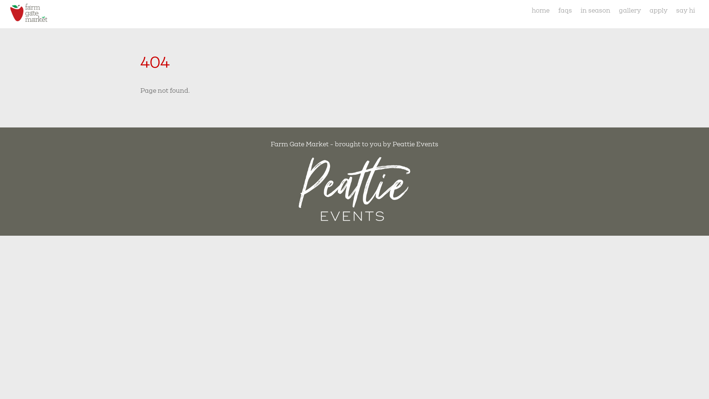 This screenshot has width=709, height=399. Describe the element at coordinates (629, 10) in the screenshot. I see `'gallery'` at that location.